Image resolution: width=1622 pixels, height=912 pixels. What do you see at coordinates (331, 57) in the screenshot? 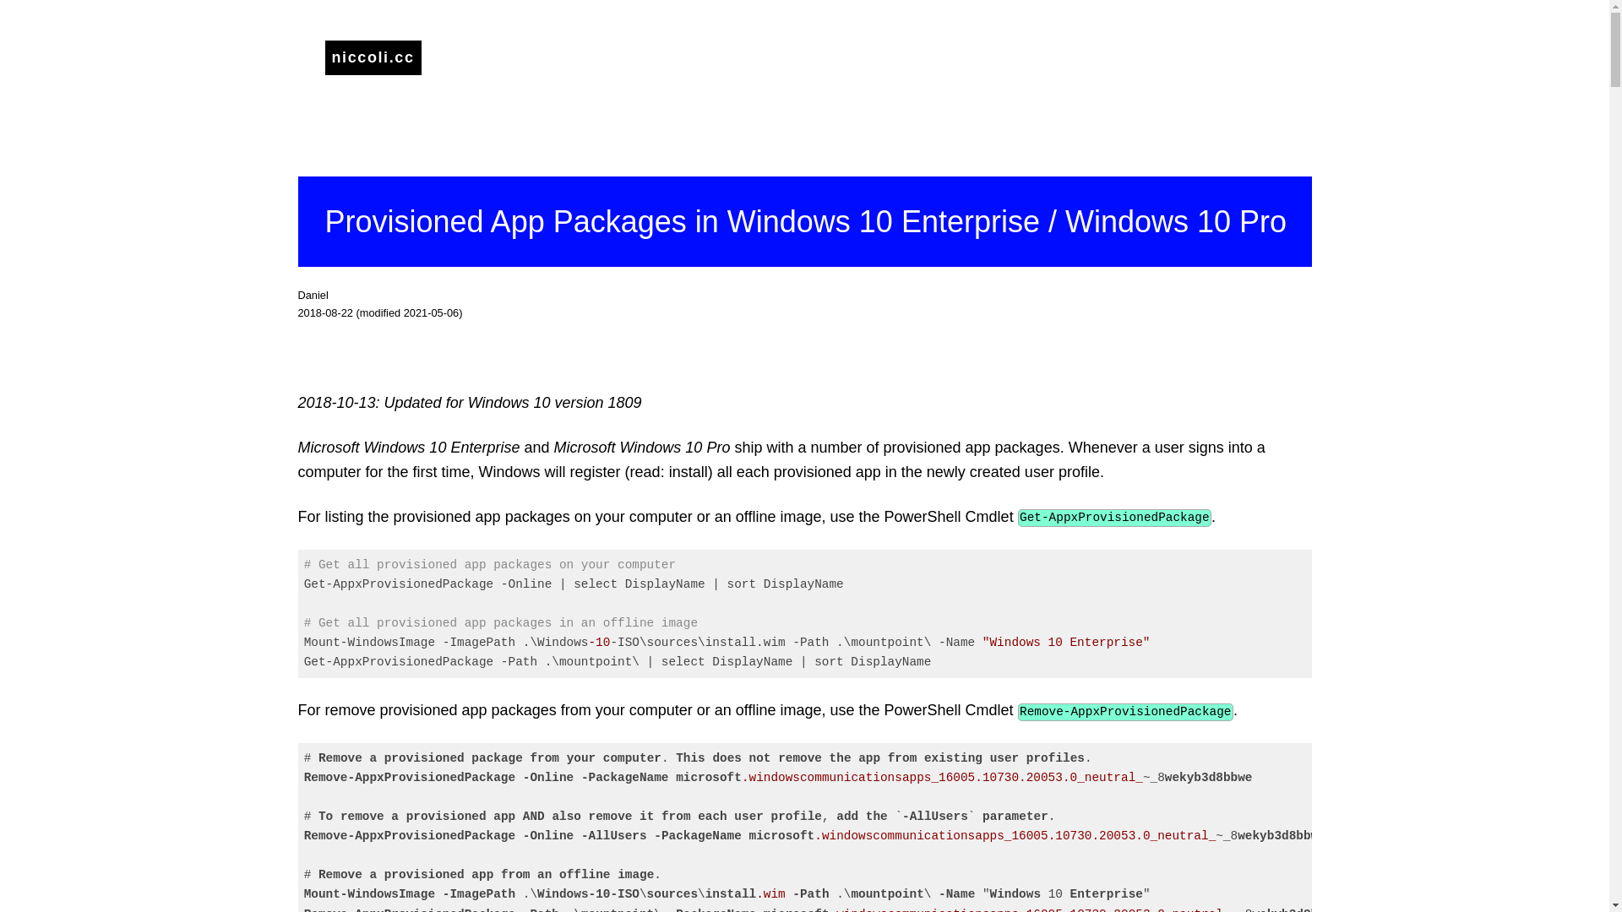
I see `'niccoli.cc'` at bounding box center [331, 57].